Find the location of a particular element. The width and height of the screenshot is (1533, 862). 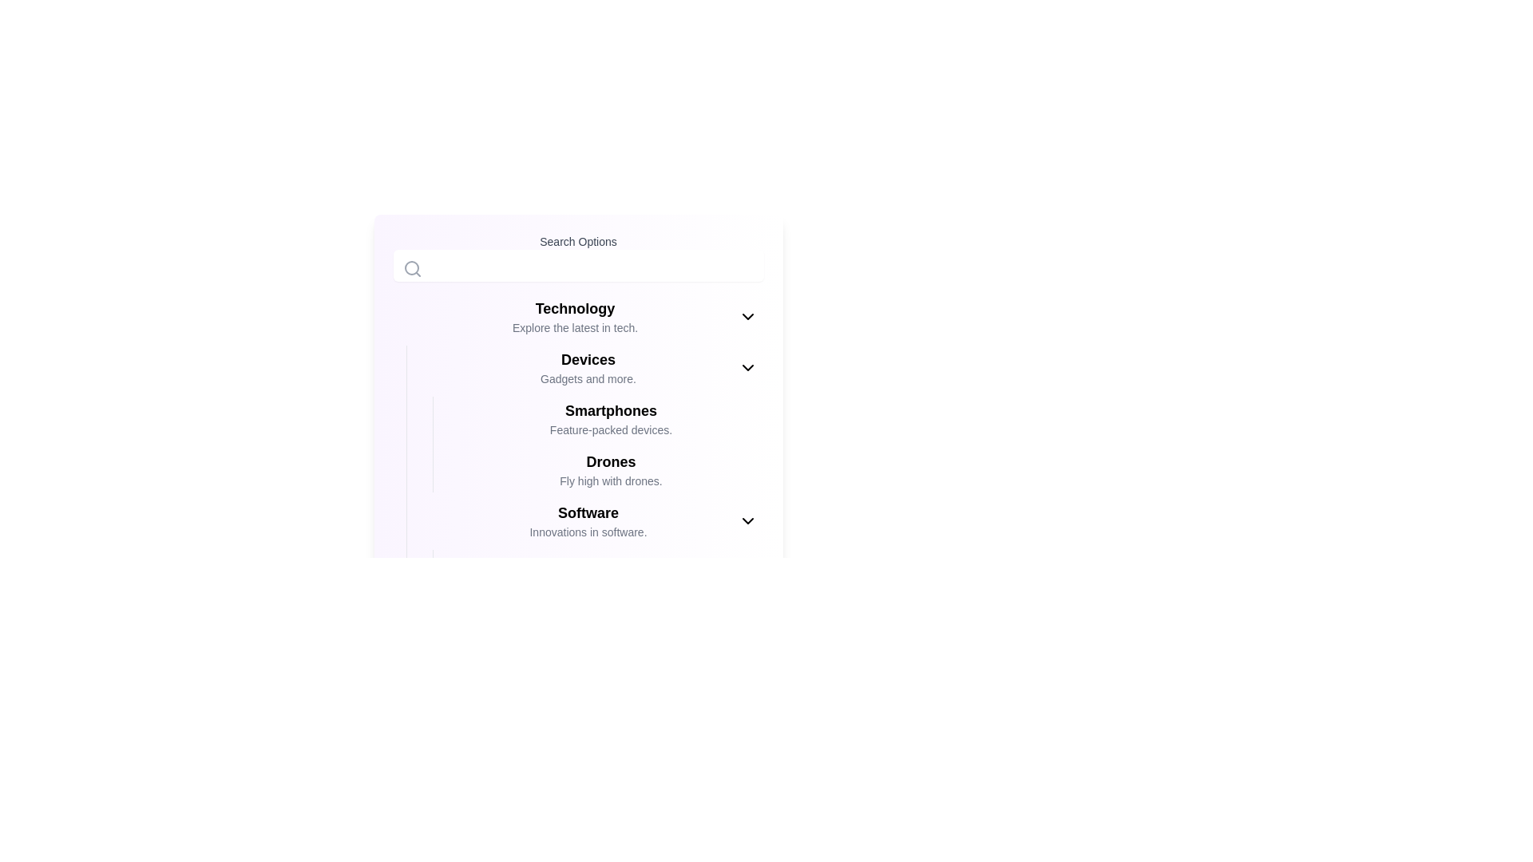

the 'Drones' text block in the main menu under 'Technology', which is positioned between 'Smartphones' and 'Software' is located at coordinates (577, 469).